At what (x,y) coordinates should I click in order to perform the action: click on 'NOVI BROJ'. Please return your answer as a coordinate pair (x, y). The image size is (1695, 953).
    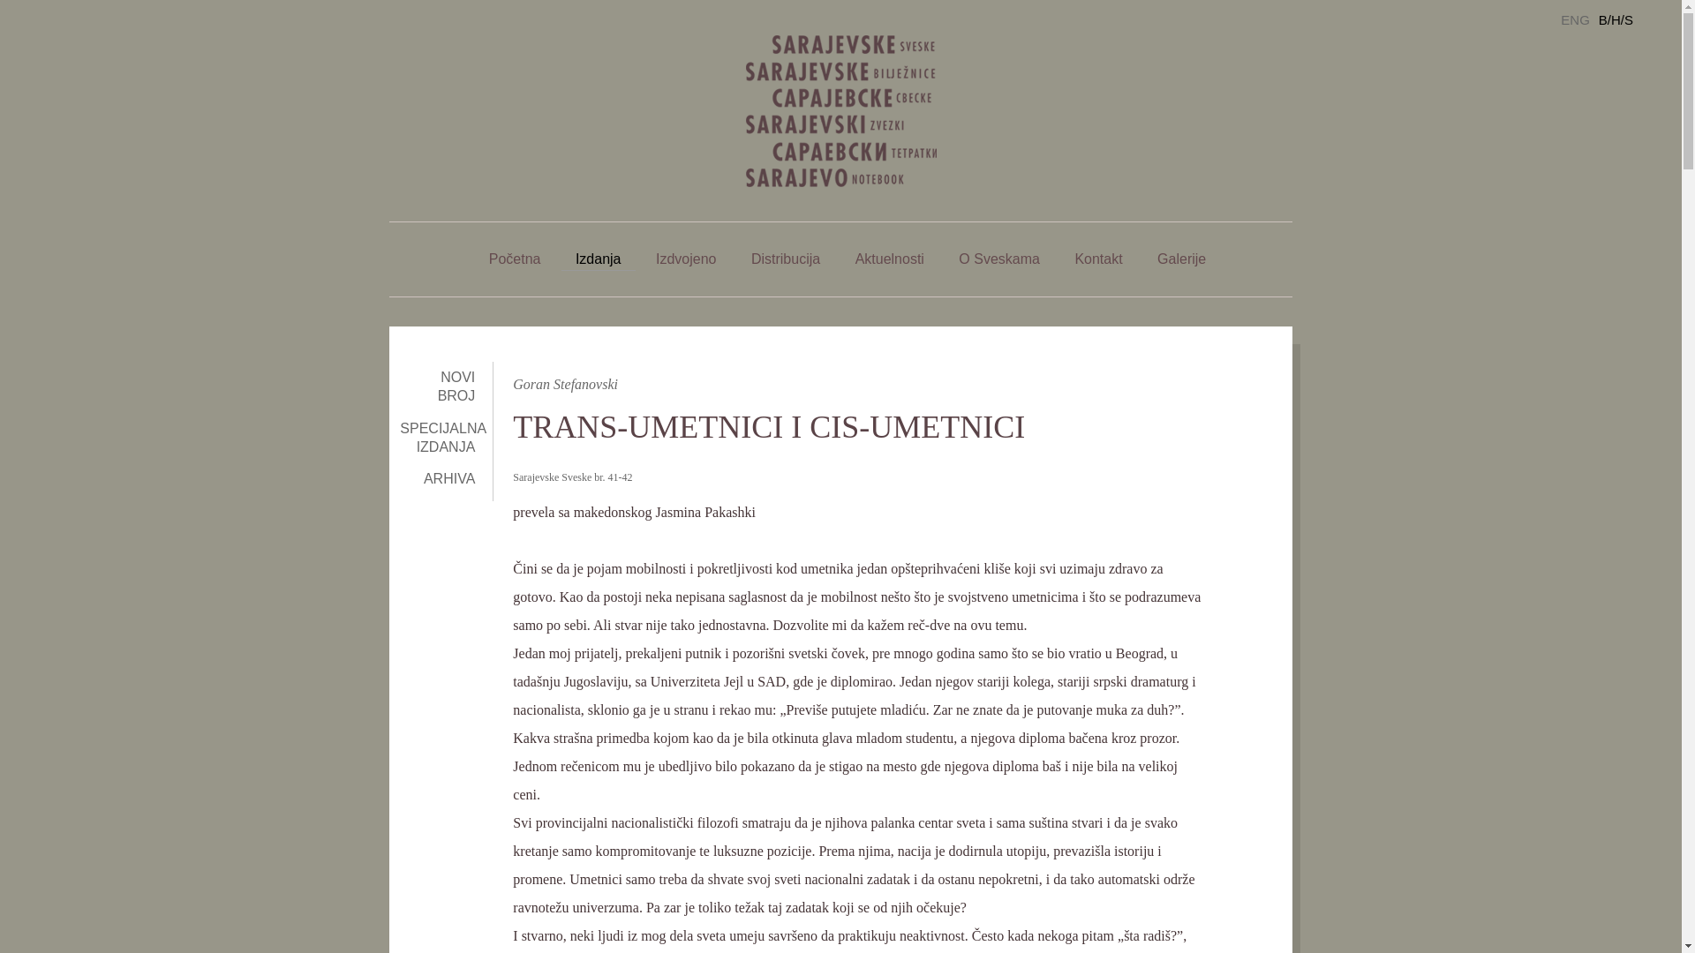
    Looking at the image, I should click on (456, 386).